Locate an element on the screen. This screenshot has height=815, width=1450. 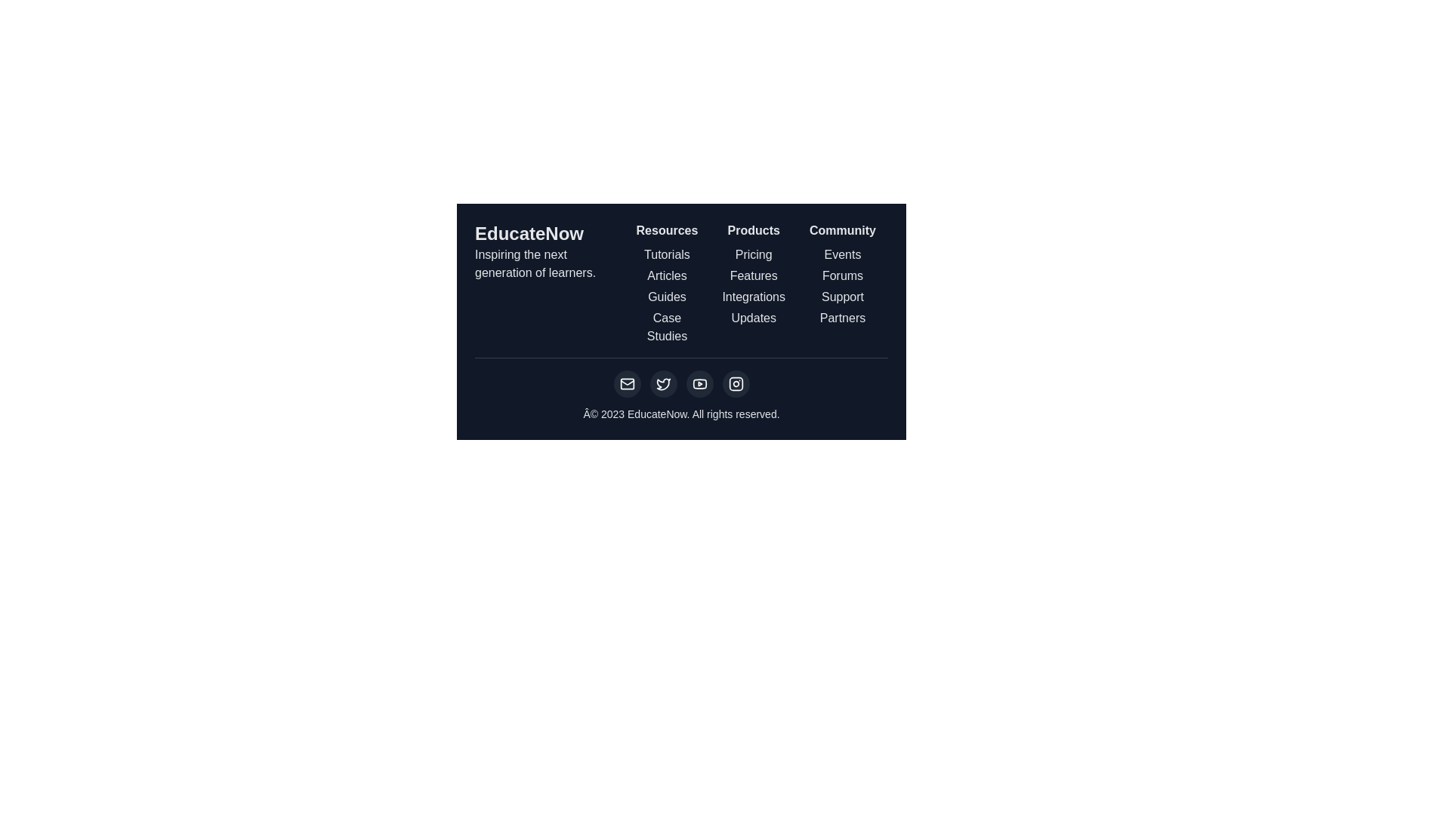
the topmost text link under the 'Products' heading is located at coordinates (754, 254).